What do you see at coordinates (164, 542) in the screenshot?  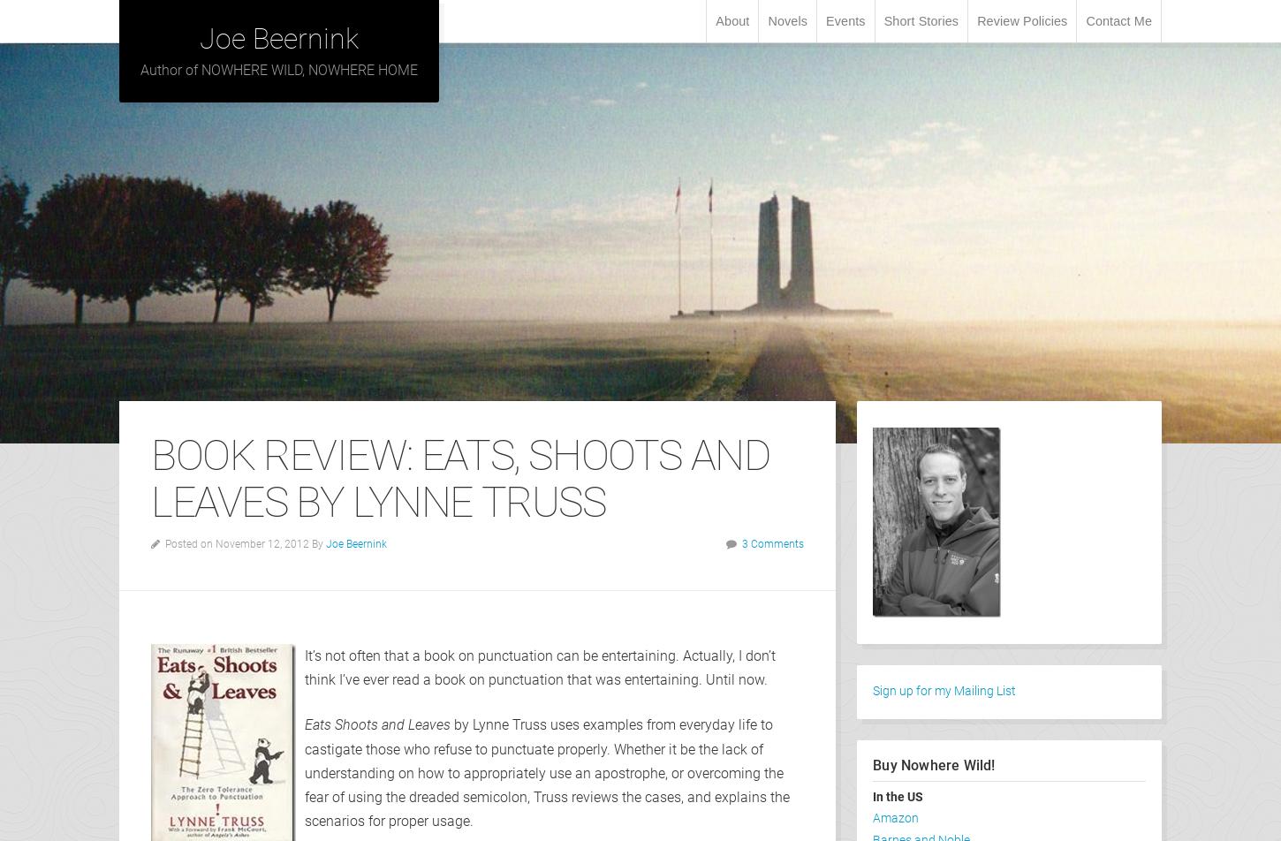 I see `'Posted on November 12, 2012'` at bounding box center [164, 542].